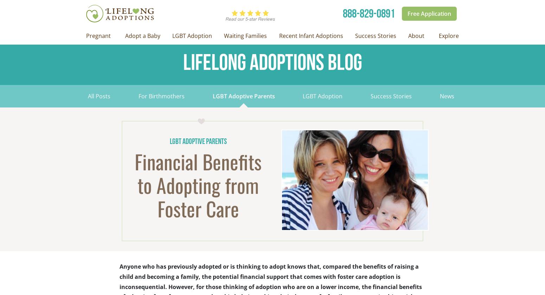  I want to click on 'For Birthmothers', so click(138, 96).